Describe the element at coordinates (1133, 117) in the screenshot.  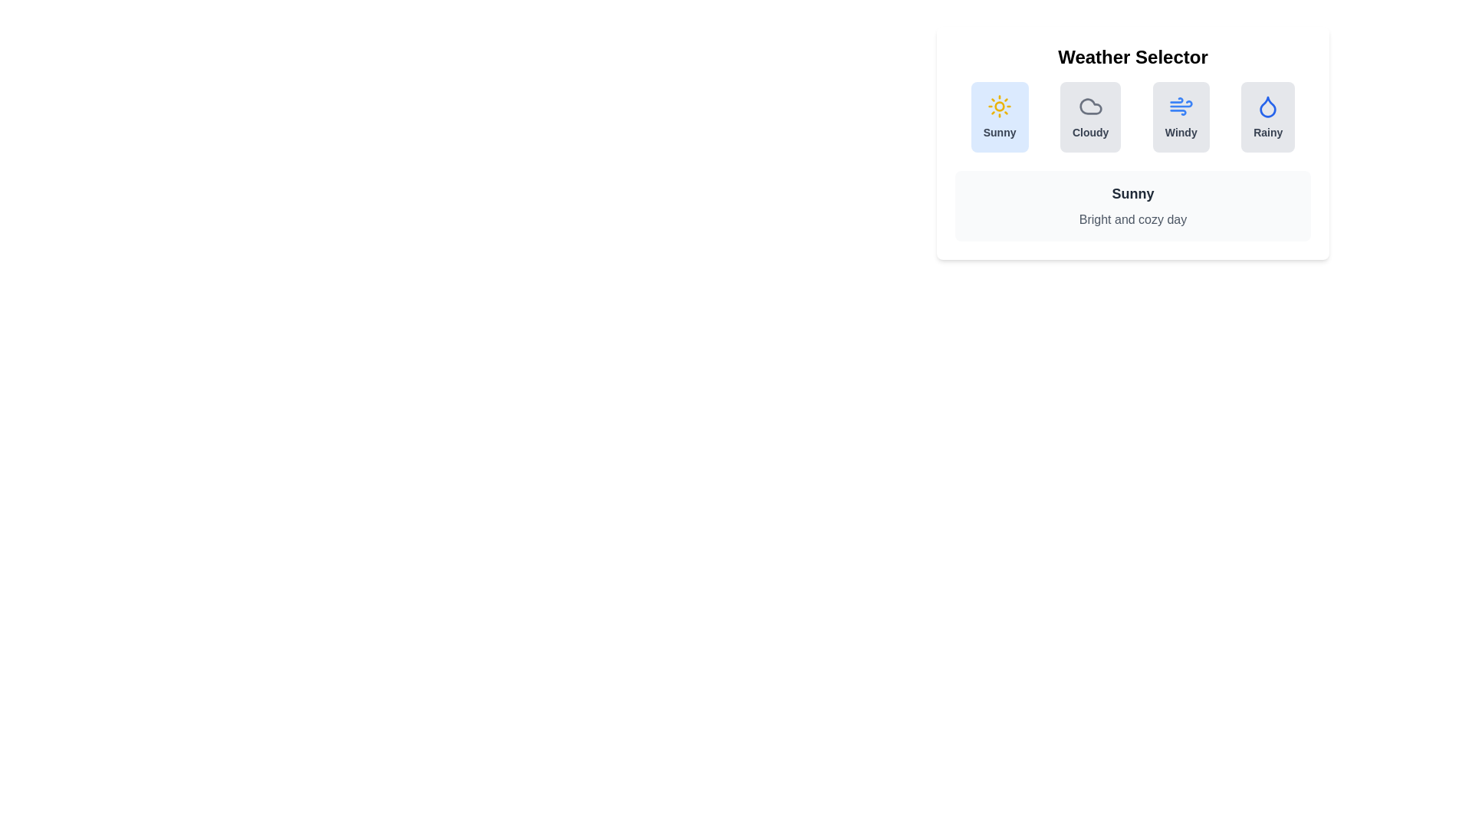
I see `the group of selectable weather condition buttons` at that location.